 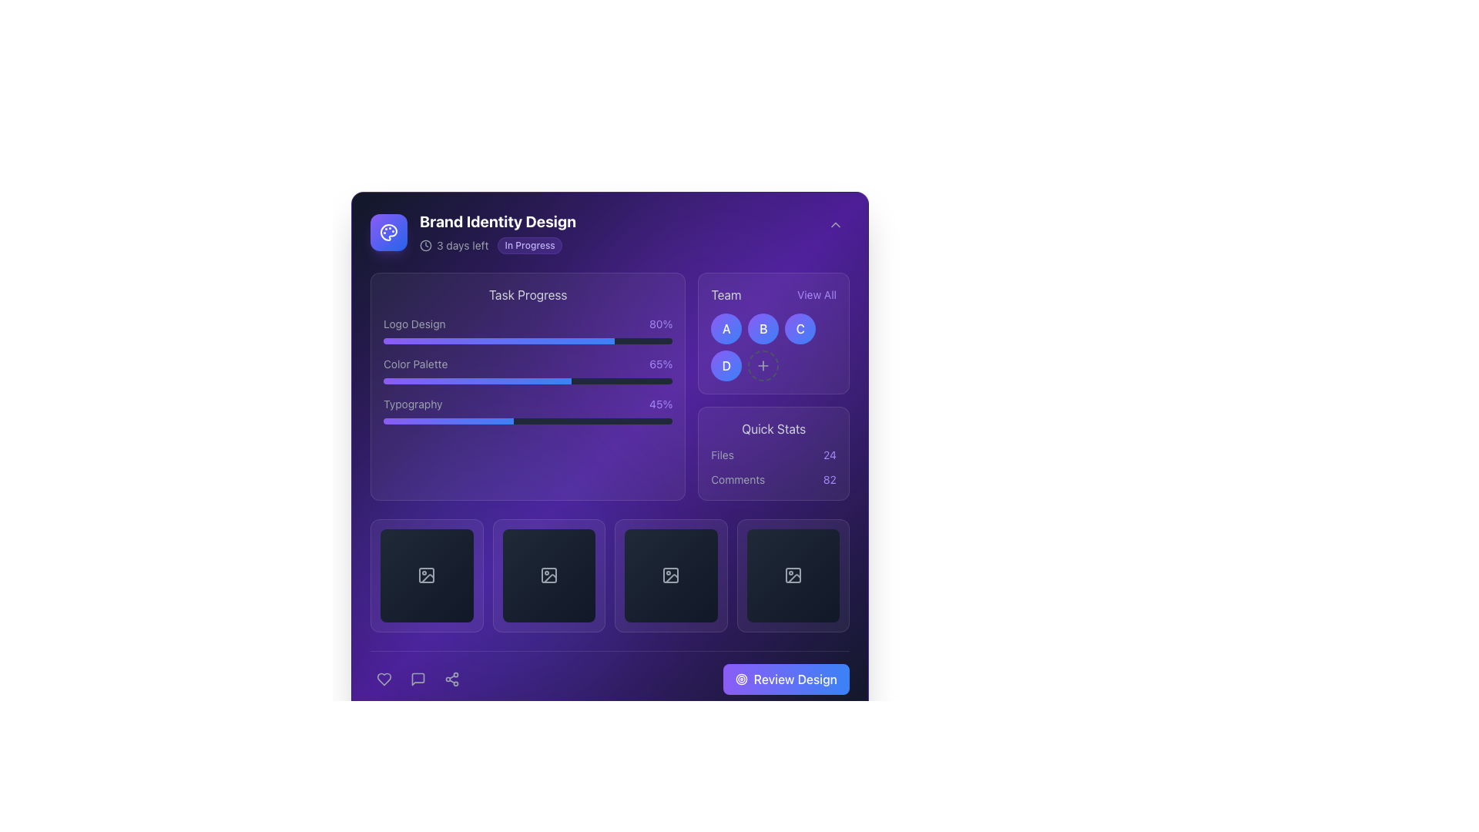 I want to click on on the text block displaying the project title 'Brand Identity Design' with the status badge 'In Progress', so click(x=498, y=232).